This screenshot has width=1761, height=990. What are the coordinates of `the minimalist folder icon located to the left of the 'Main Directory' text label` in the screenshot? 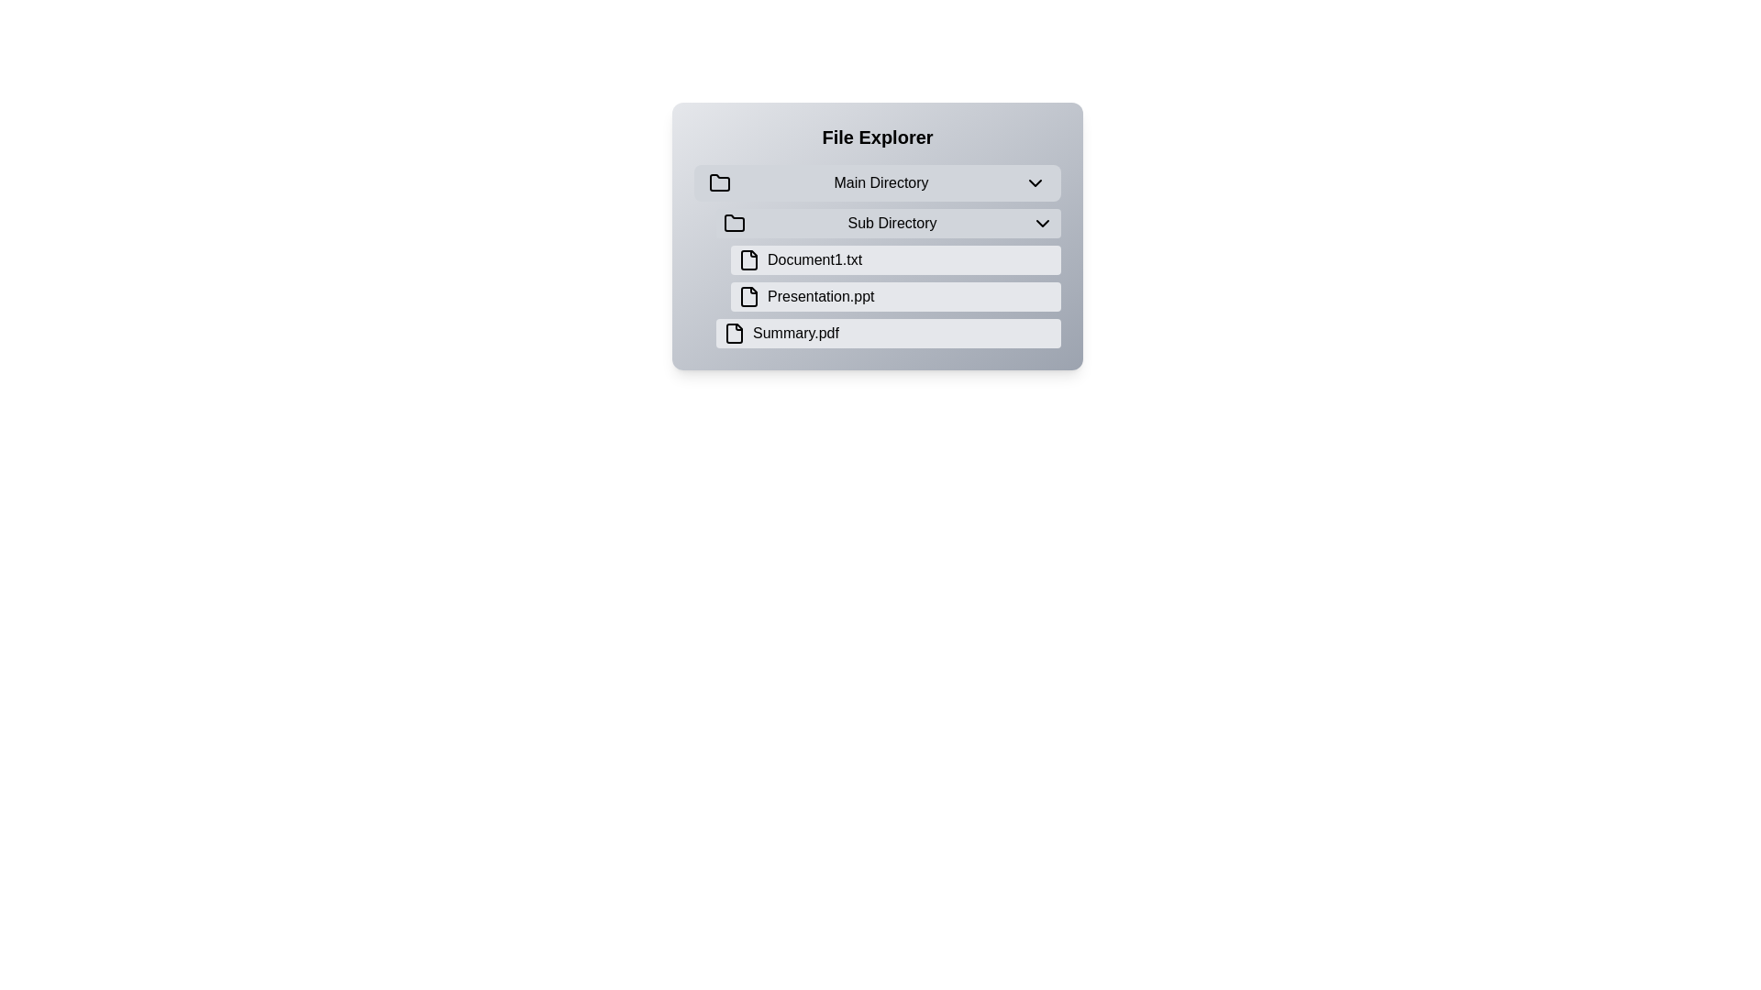 It's located at (719, 183).